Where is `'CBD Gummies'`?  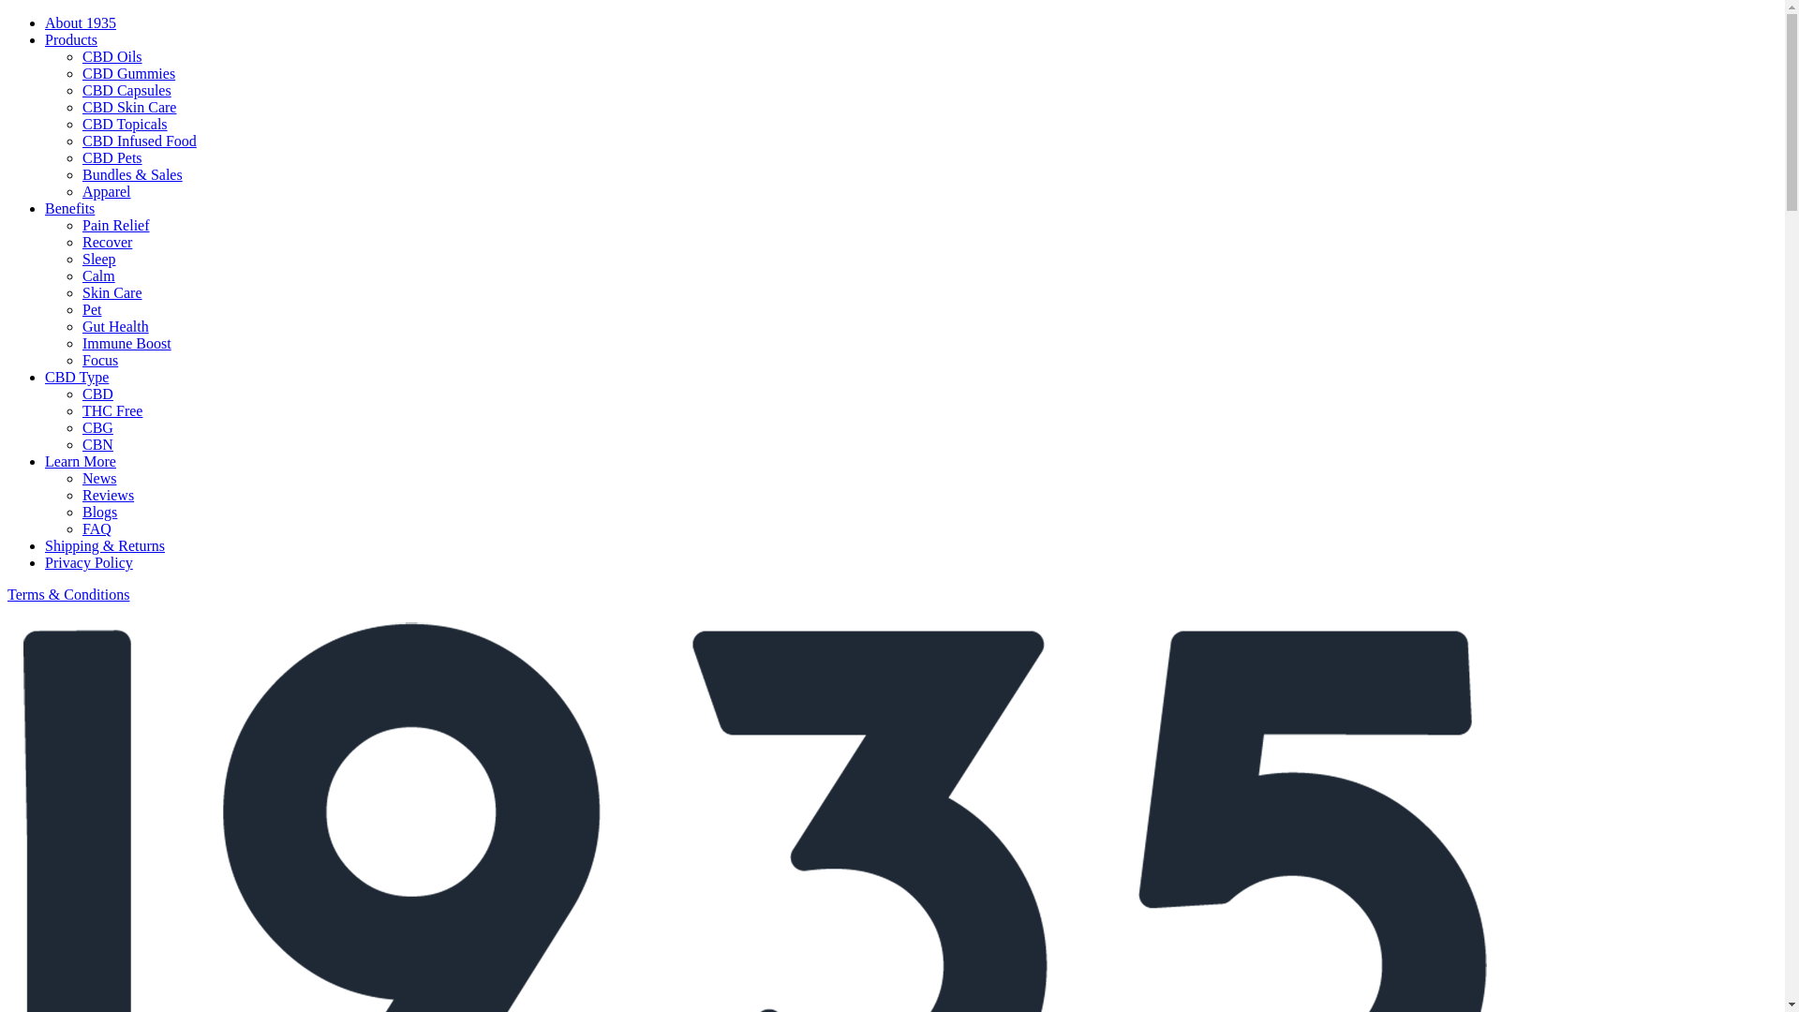 'CBD Gummies' is located at coordinates (127, 72).